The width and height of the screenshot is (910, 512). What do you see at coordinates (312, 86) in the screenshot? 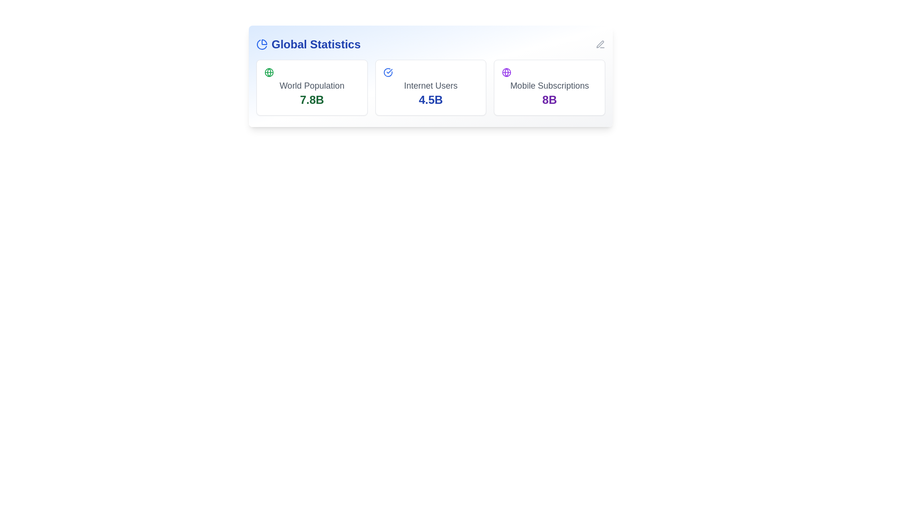
I see `the static text label reading 'World Population' in medium-sized gray font located above the numeric display '7.8B' and to the right of the green globe icon in the 'Global Statistics' dashboard` at bounding box center [312, 86].